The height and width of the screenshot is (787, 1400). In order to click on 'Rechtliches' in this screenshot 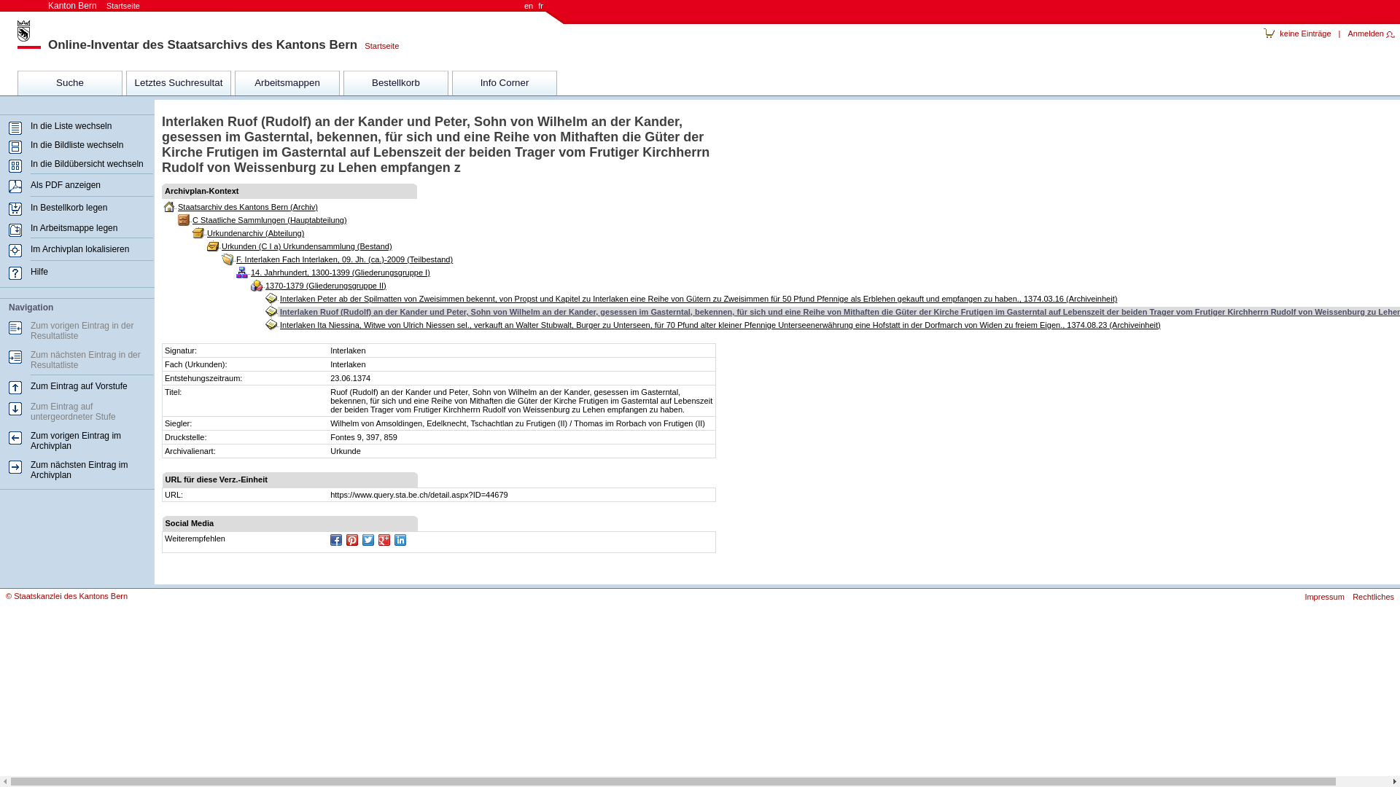, I will do `click(1369, 596)`.